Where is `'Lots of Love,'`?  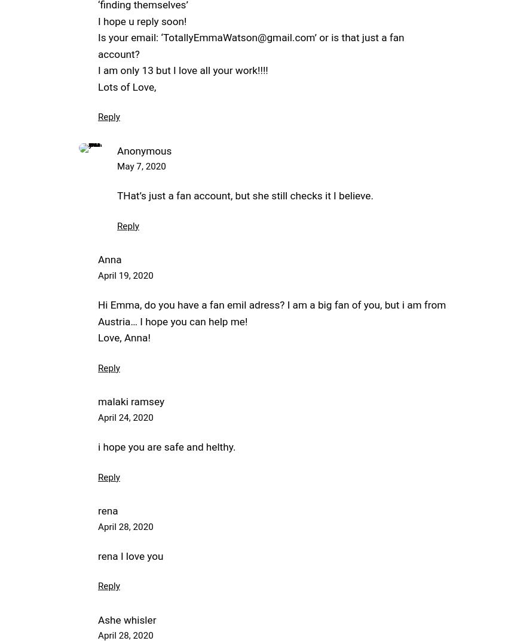
'Lots of Love,' is located at coordinates (97, 85).